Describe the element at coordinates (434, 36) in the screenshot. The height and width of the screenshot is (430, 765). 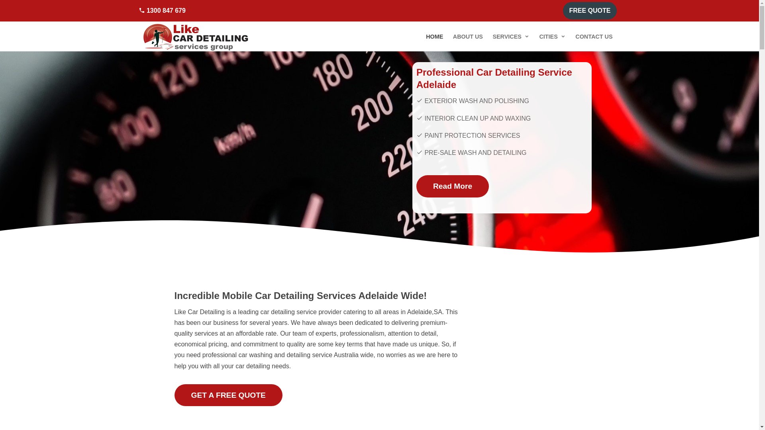
I see `'HOME'` at that location.